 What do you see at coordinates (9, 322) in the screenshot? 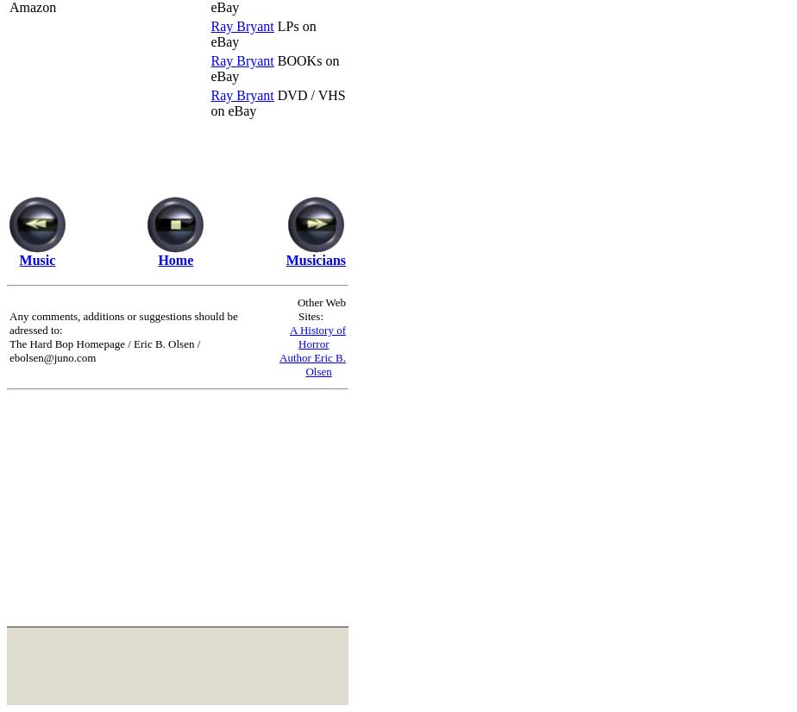
I see `'Any comments, additions or suggestions should be adressed to:'` at bounding box center [9, 322].